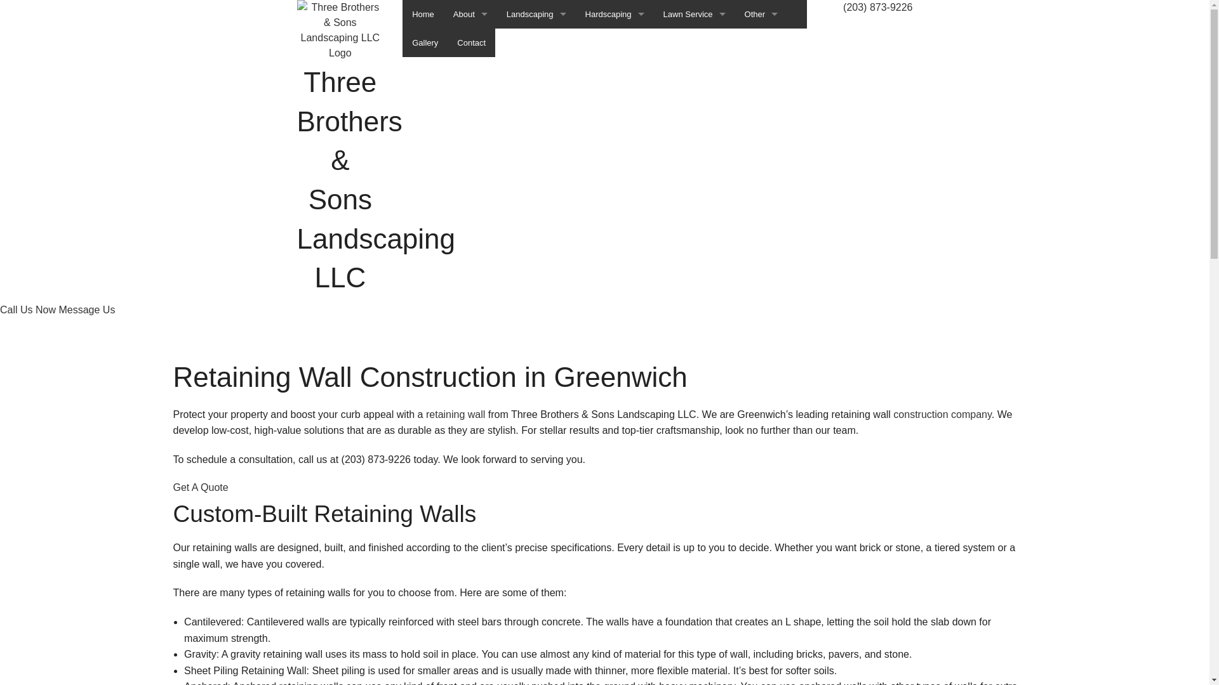 Image resolution: width=1219 pixels, height=685 pixels. What do you see at coordinates (694, 71) in the screenshot?
I see `'Lawn Care Services'` at bounding box center [694, 71].